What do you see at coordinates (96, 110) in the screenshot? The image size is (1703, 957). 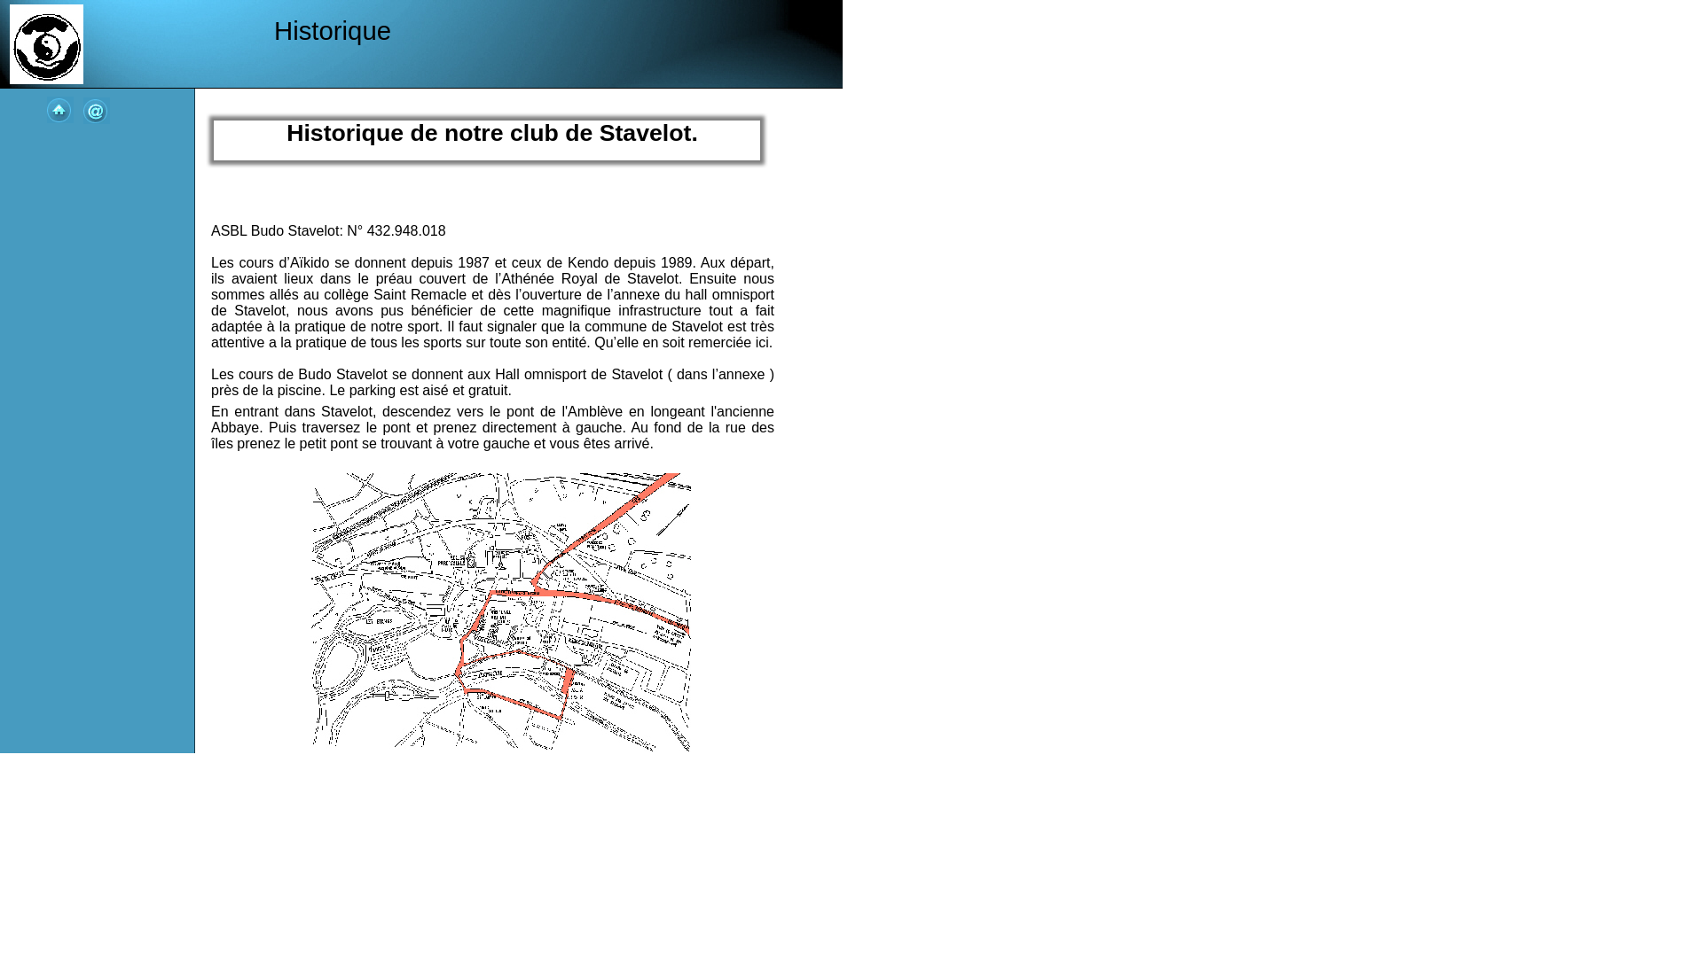 I see `'Un petit message !'` at bounding box center [96, 110].